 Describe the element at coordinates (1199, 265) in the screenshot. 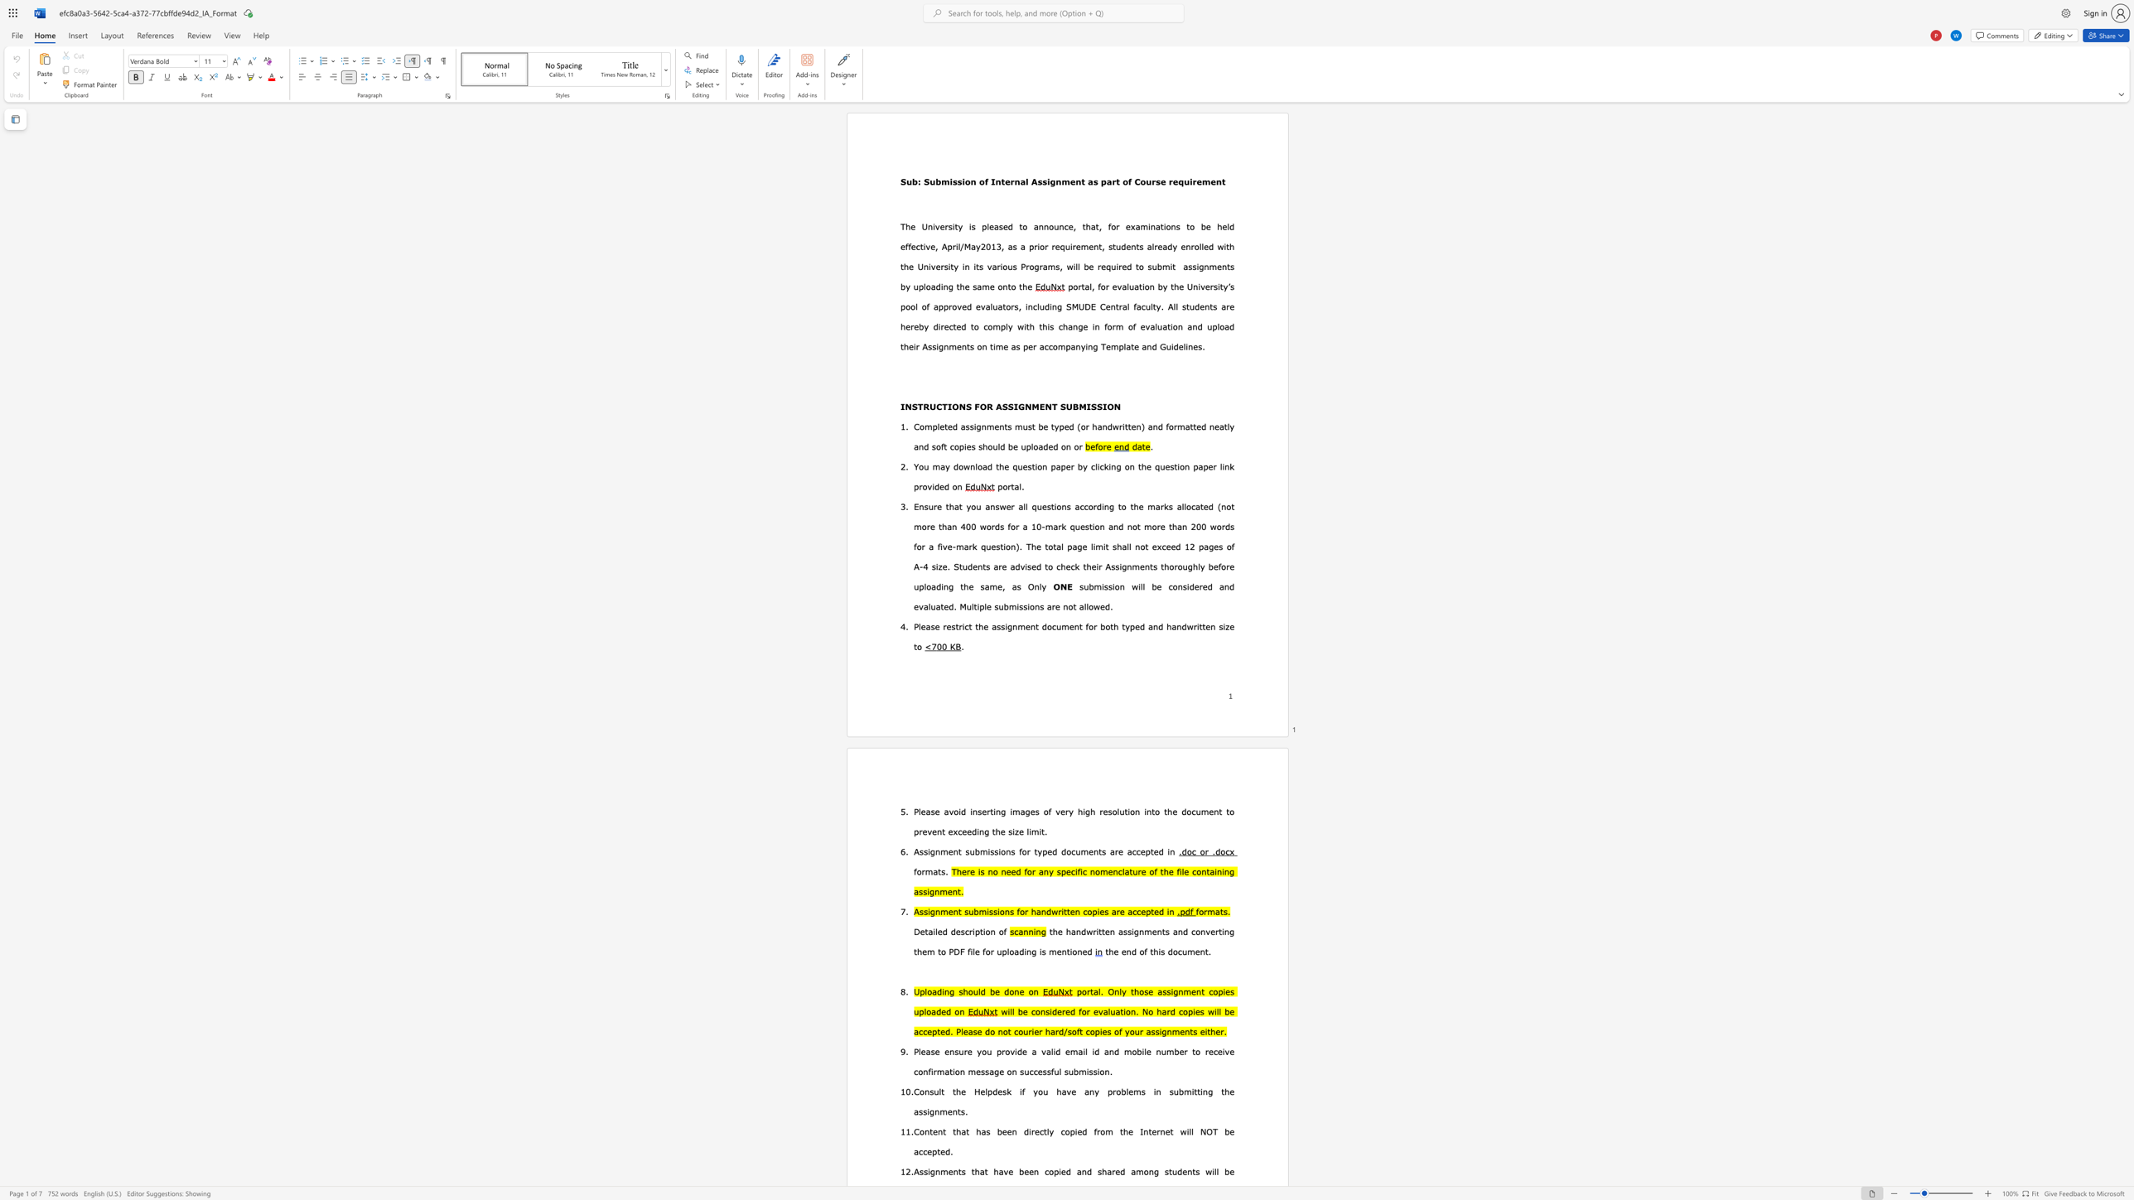

I see `the subset text "gnment" within the text "submit  assignments"` at that location.